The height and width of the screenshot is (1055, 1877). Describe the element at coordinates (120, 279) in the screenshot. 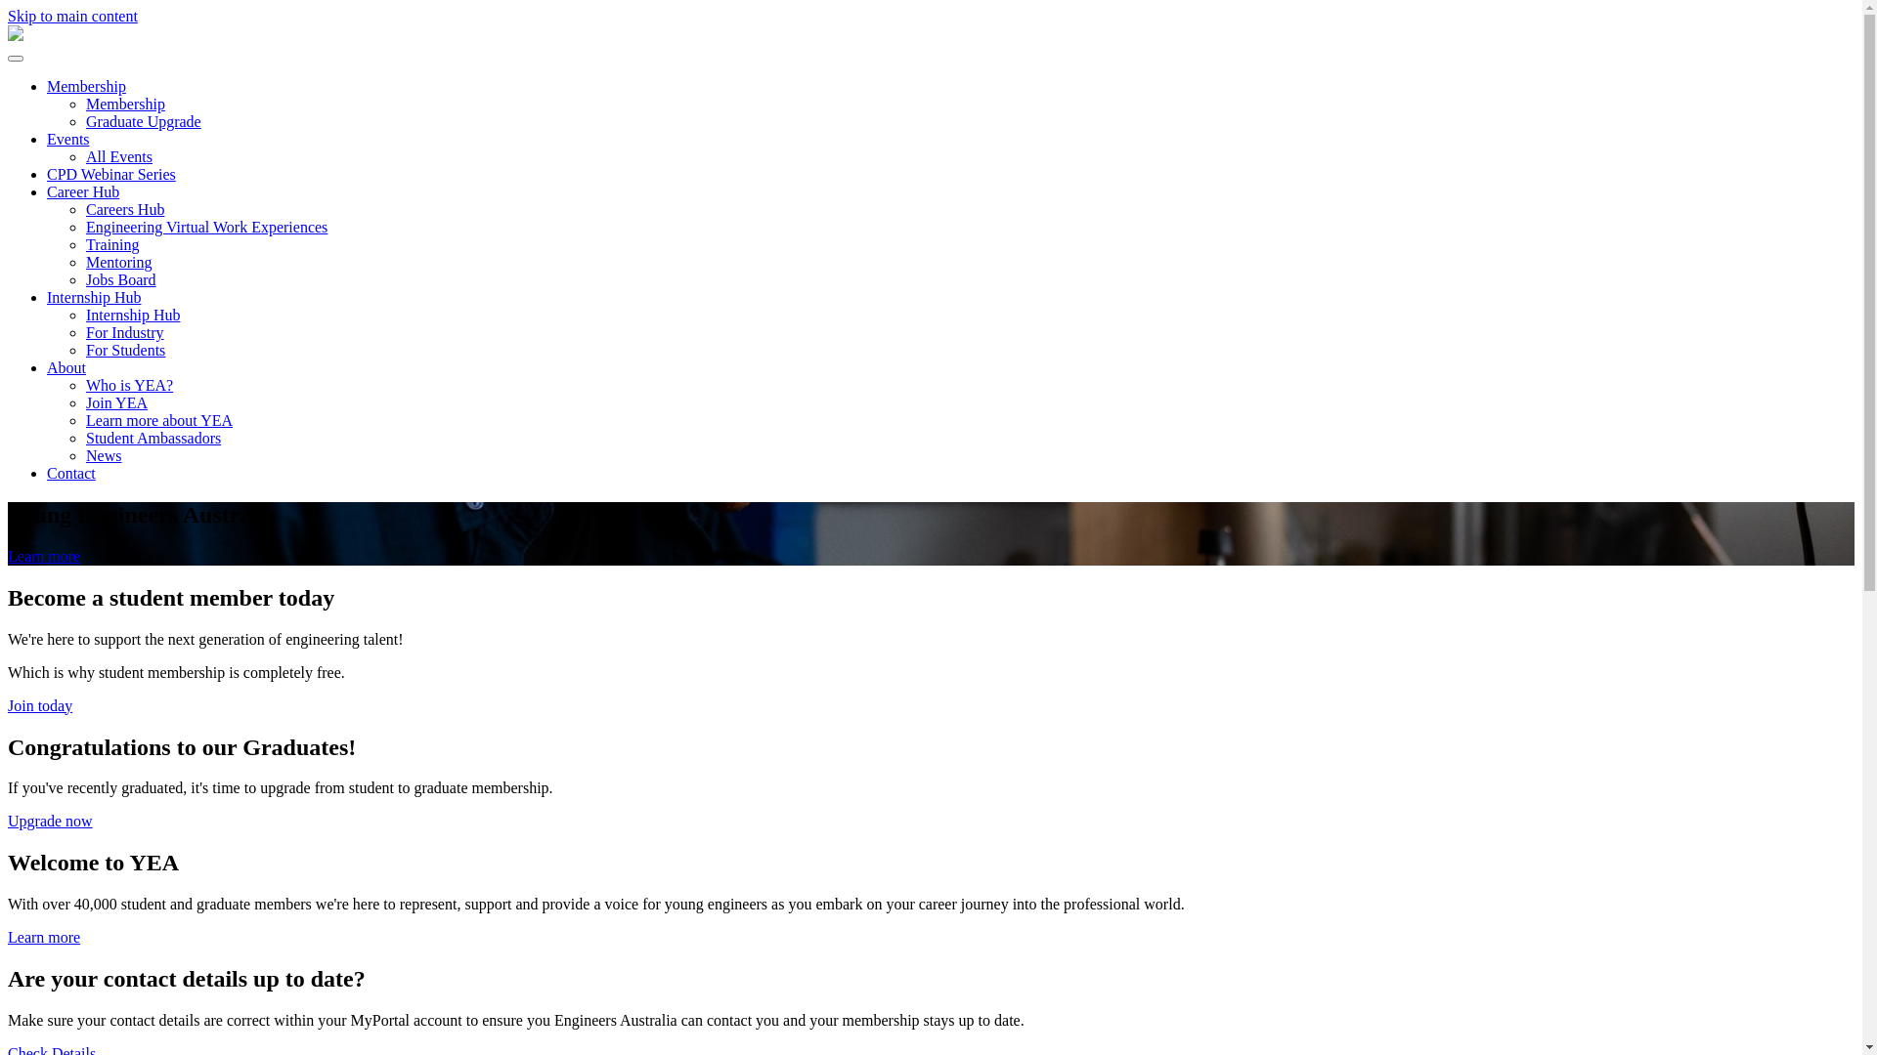

I see `'Jobs Board'` at that location.